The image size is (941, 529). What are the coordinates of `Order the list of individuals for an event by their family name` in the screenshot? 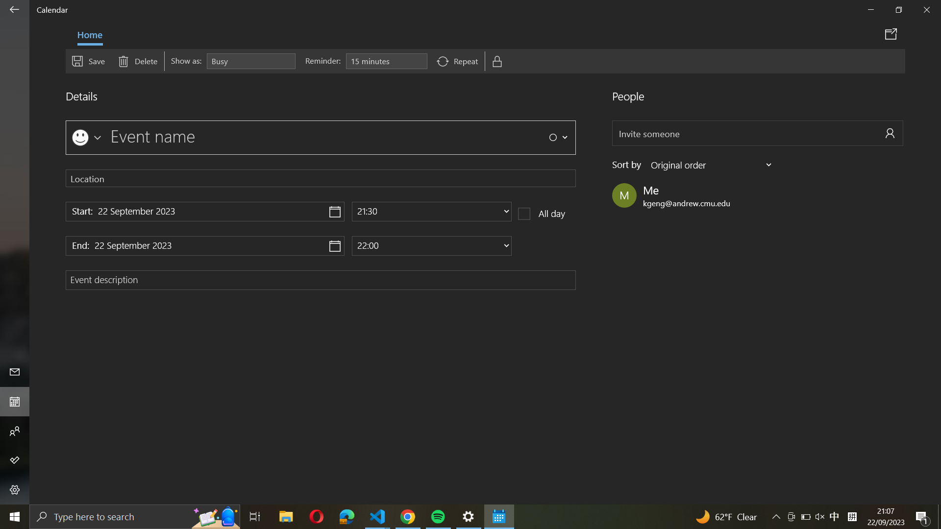 It's located at (712, 164).